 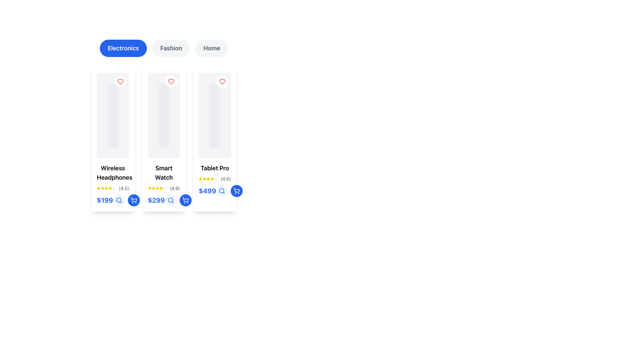 I want to click on the circular button with a light blue background and a magnifying glass icon located in the 'Tablet Pro' product card, positioned below the price section, so click(x=222, y=191).